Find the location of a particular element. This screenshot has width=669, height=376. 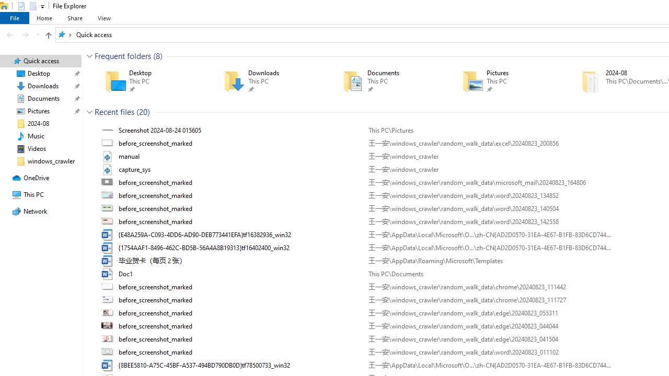

'Downloads' is located at coordinates (268, 81).